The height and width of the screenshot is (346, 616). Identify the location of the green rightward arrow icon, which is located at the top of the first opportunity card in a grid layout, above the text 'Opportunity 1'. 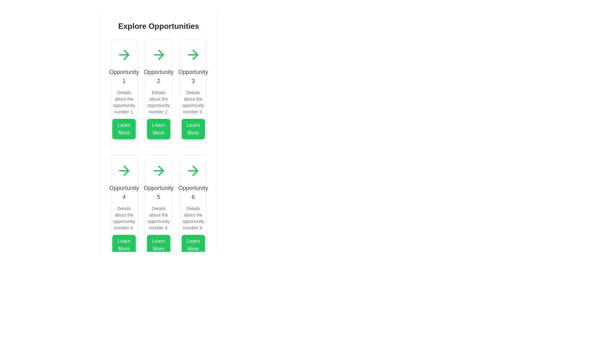
(124, 54).